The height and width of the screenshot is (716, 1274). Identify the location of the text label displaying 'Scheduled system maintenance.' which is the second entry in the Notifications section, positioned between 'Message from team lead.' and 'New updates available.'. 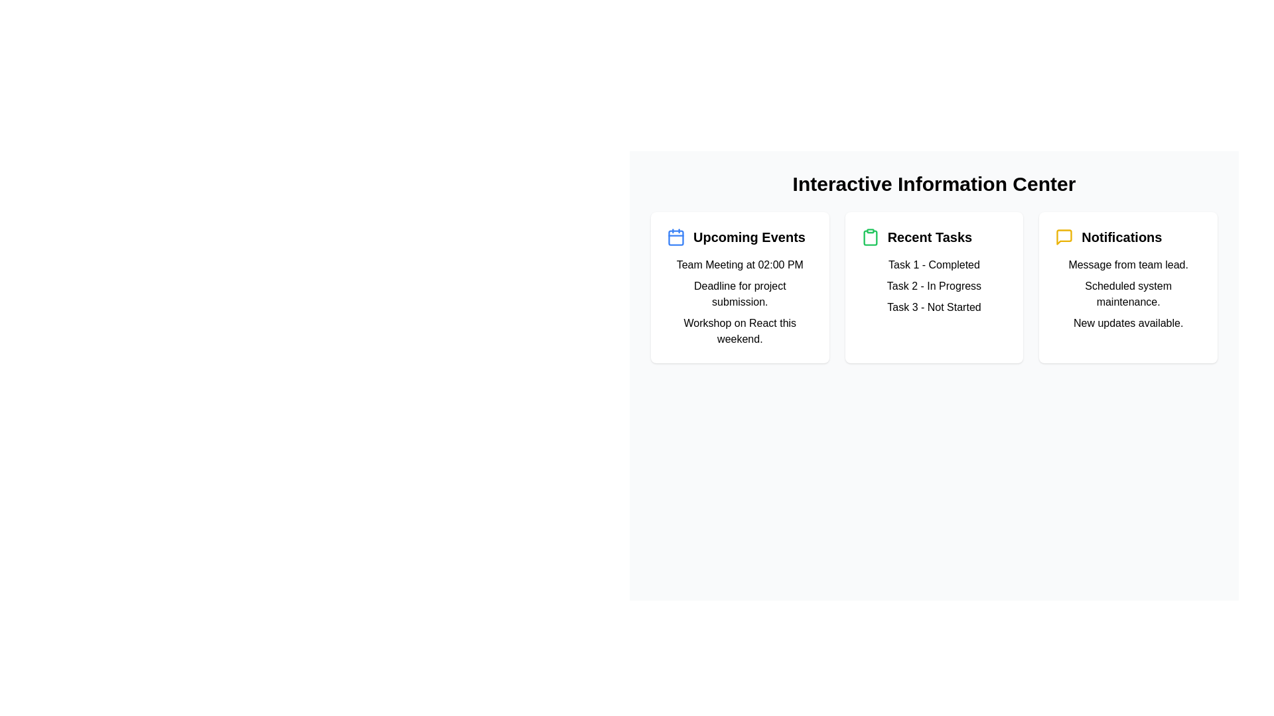
(1127, 293).